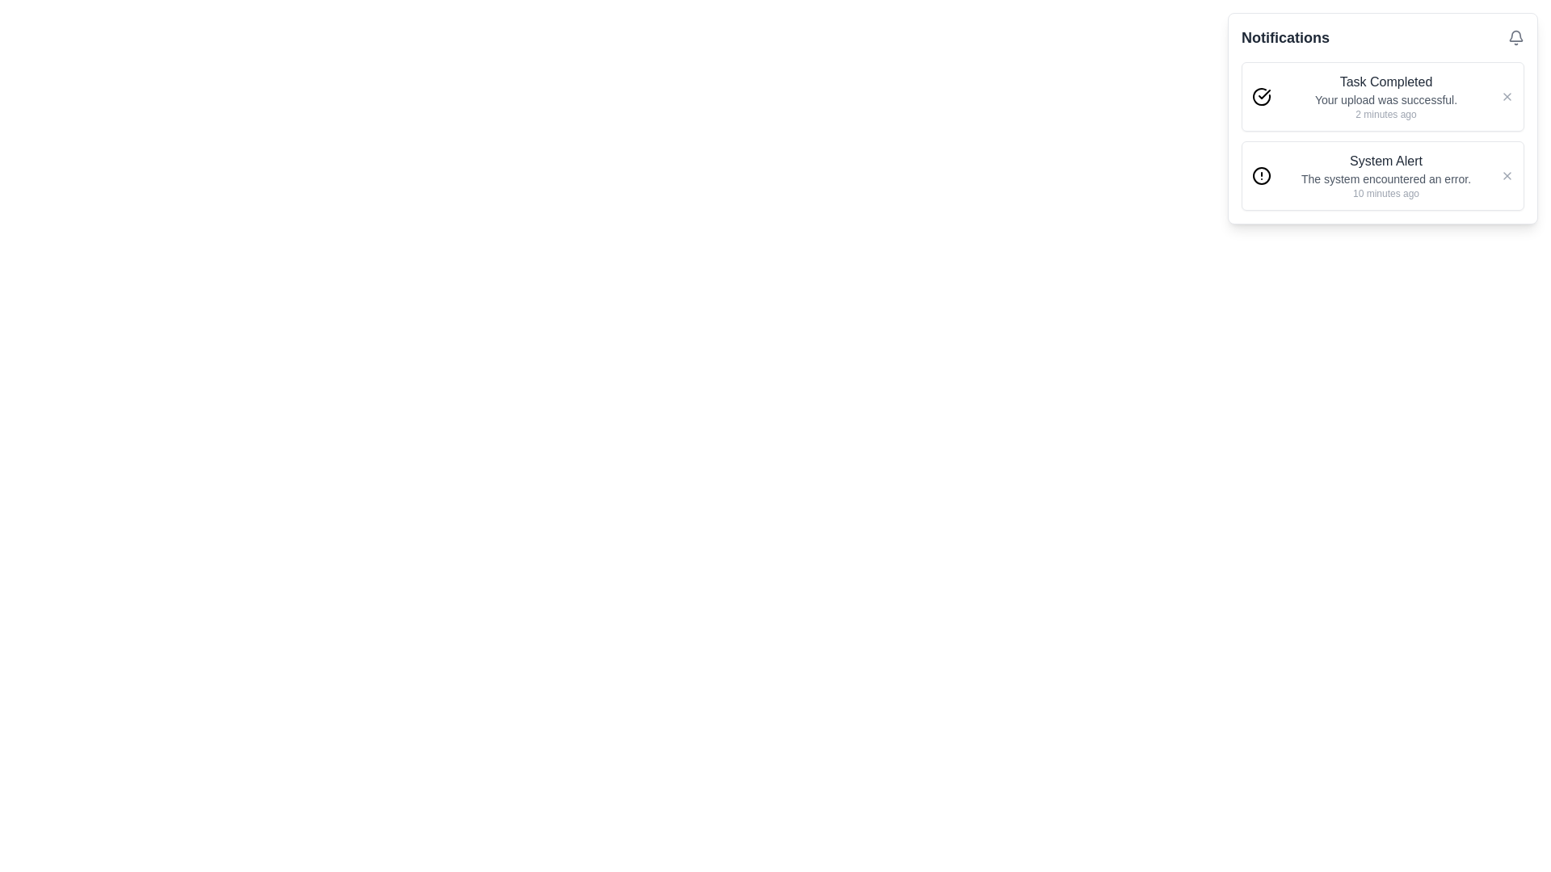 This screenshot has width=1551, height=872. What do you see at coordinates (1385, 82) in the screenshot?
I see `the Text Label that serves as the title or summary of the notification located at the top of its notification group in the right-hand notification panel` at bounding box center [1385, 82].